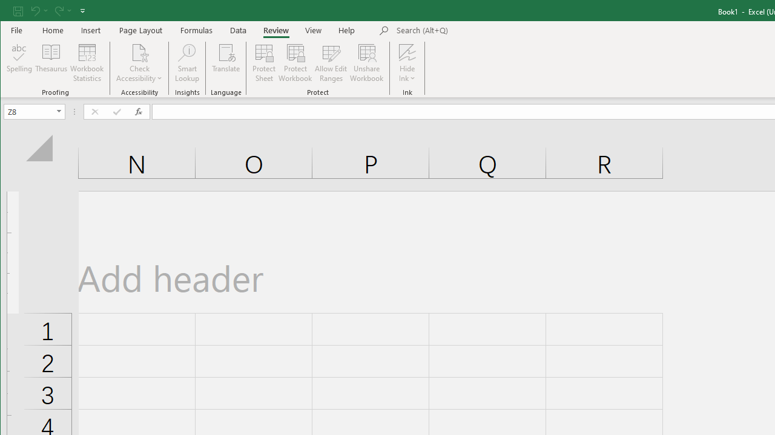  Describe the element at coordinates (295, 63) in the screenshot. I see `'Protect Workbook...'` at that location.